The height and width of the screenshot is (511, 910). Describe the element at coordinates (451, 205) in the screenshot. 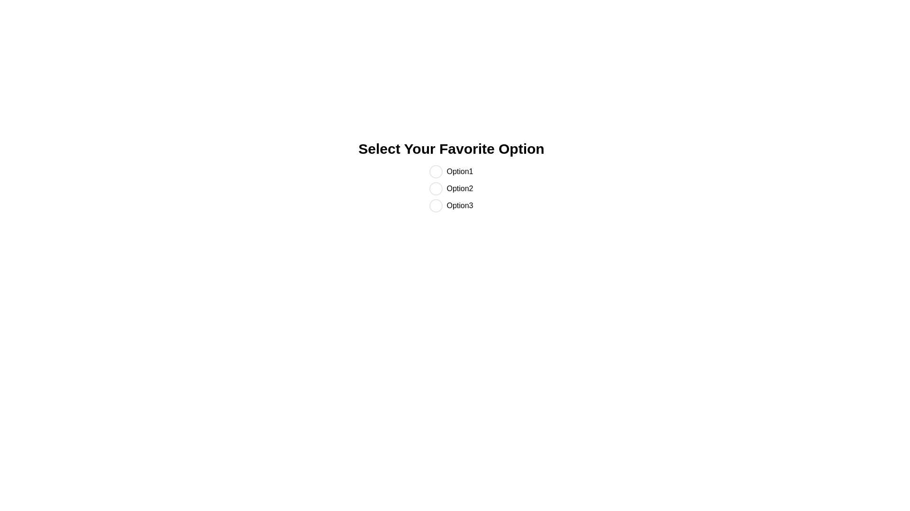

I see `the 'Option3' radio button` at that location.